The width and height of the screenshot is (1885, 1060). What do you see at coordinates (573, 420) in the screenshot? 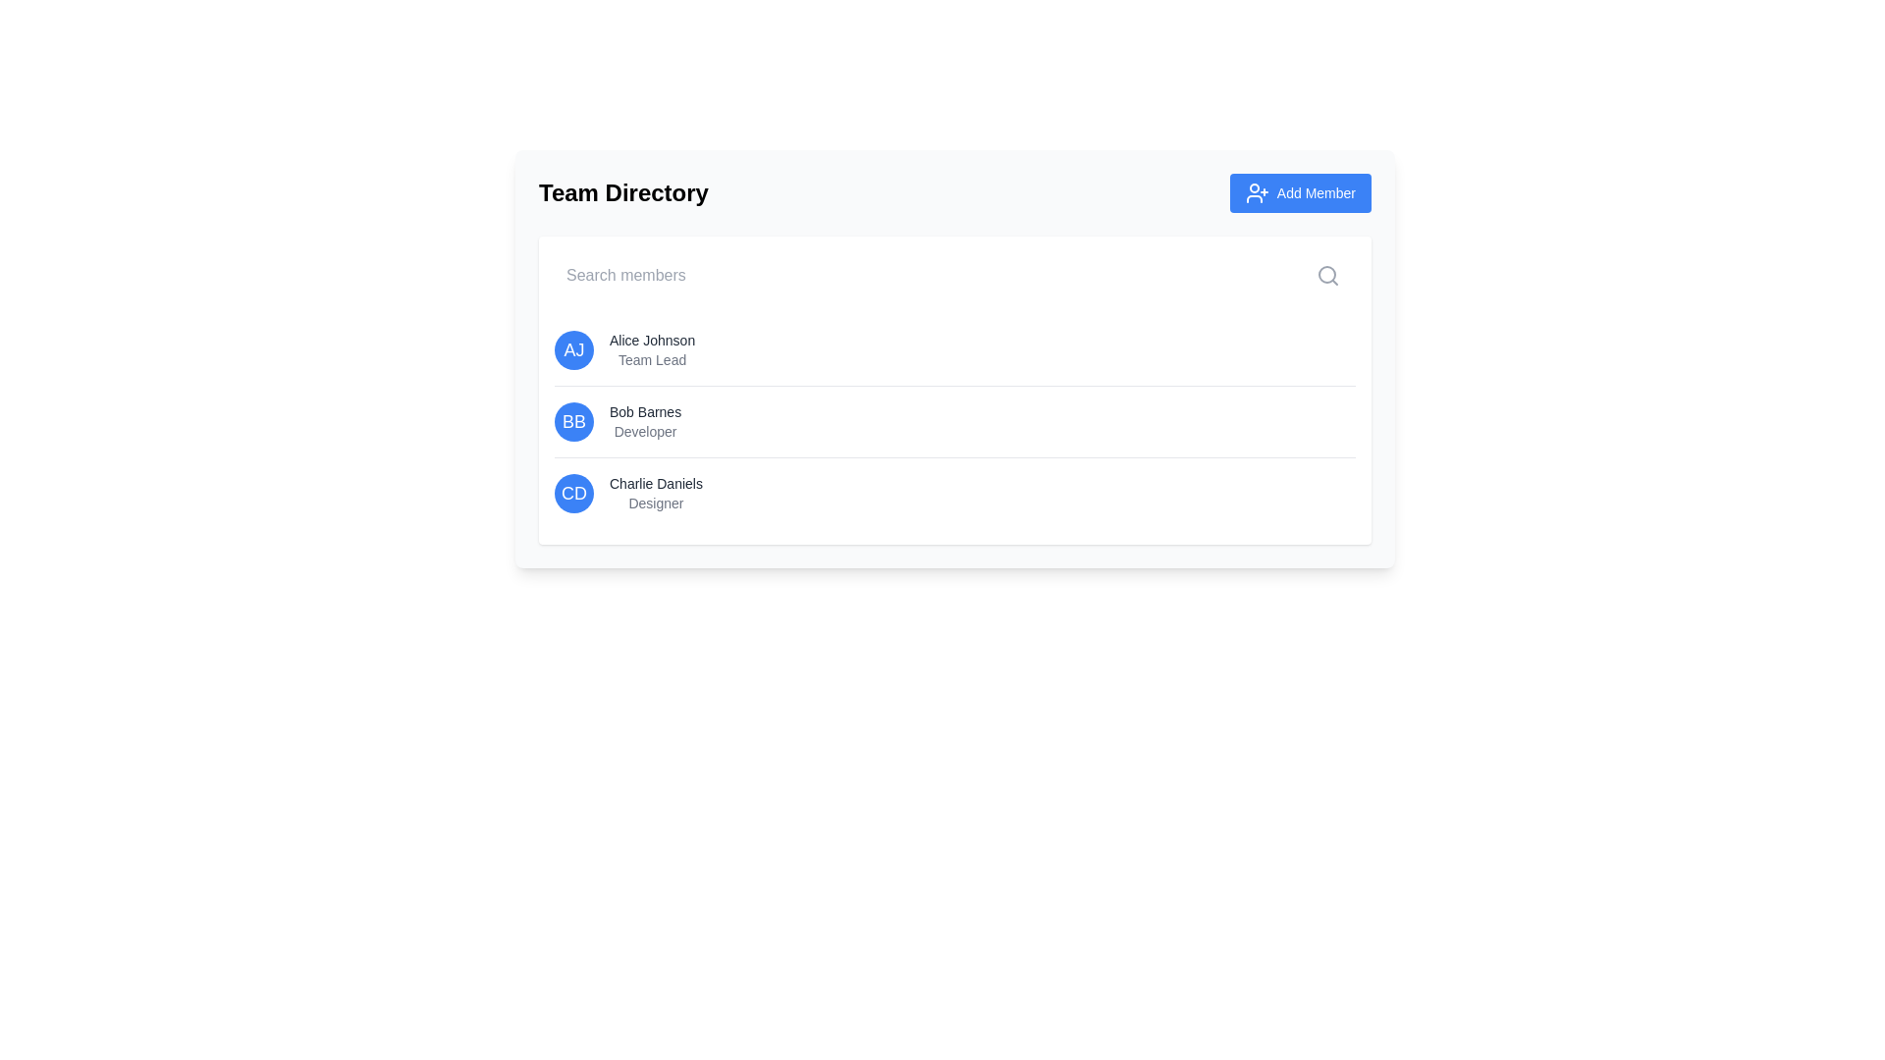
I see `the Avatar badge representing 'Bob Barnes' in the team directory listing` at bounding box center [573, 420].